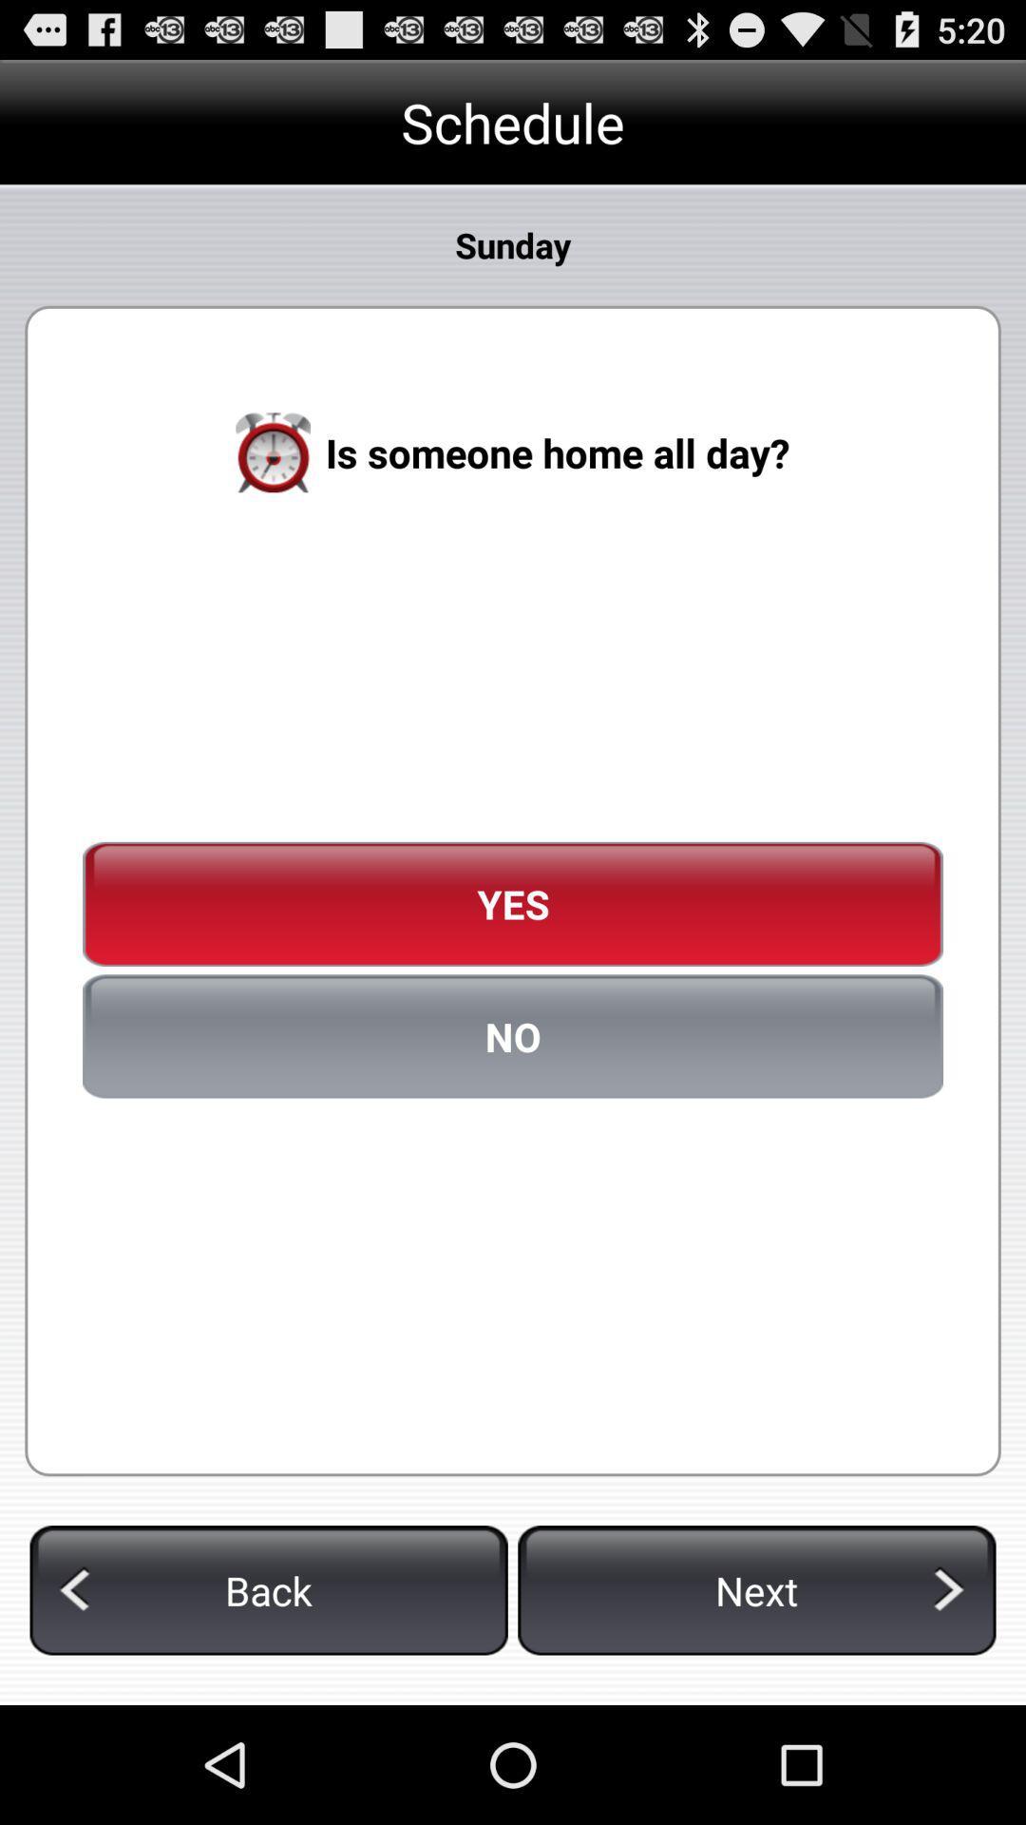 This screenshot has height=1825, width=1026. Describe the element at coordinates (513, 903) in the screenshot. I see `the yes icon` at that location.